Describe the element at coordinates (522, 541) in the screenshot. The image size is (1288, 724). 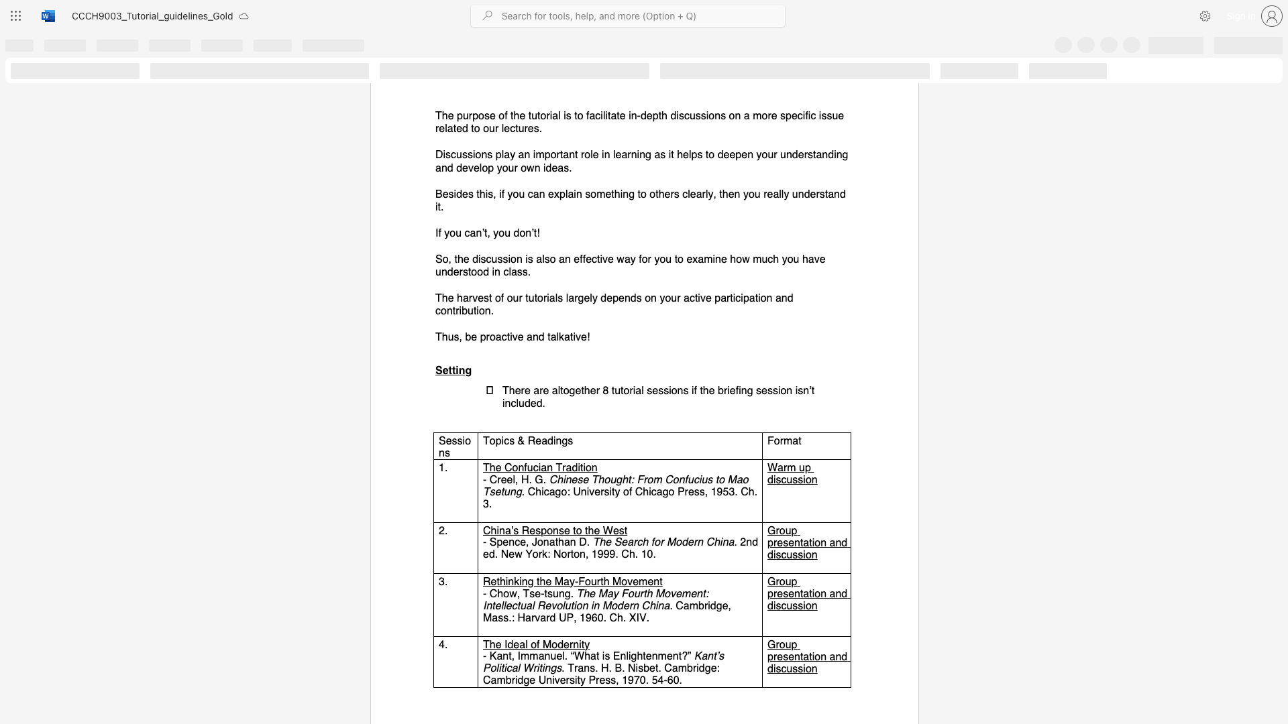
I see `the 2th character "e" in the text` at that location.